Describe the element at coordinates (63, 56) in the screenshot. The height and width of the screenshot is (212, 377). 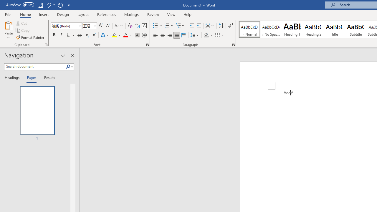
I see `'Task Pane Options'` at that location.